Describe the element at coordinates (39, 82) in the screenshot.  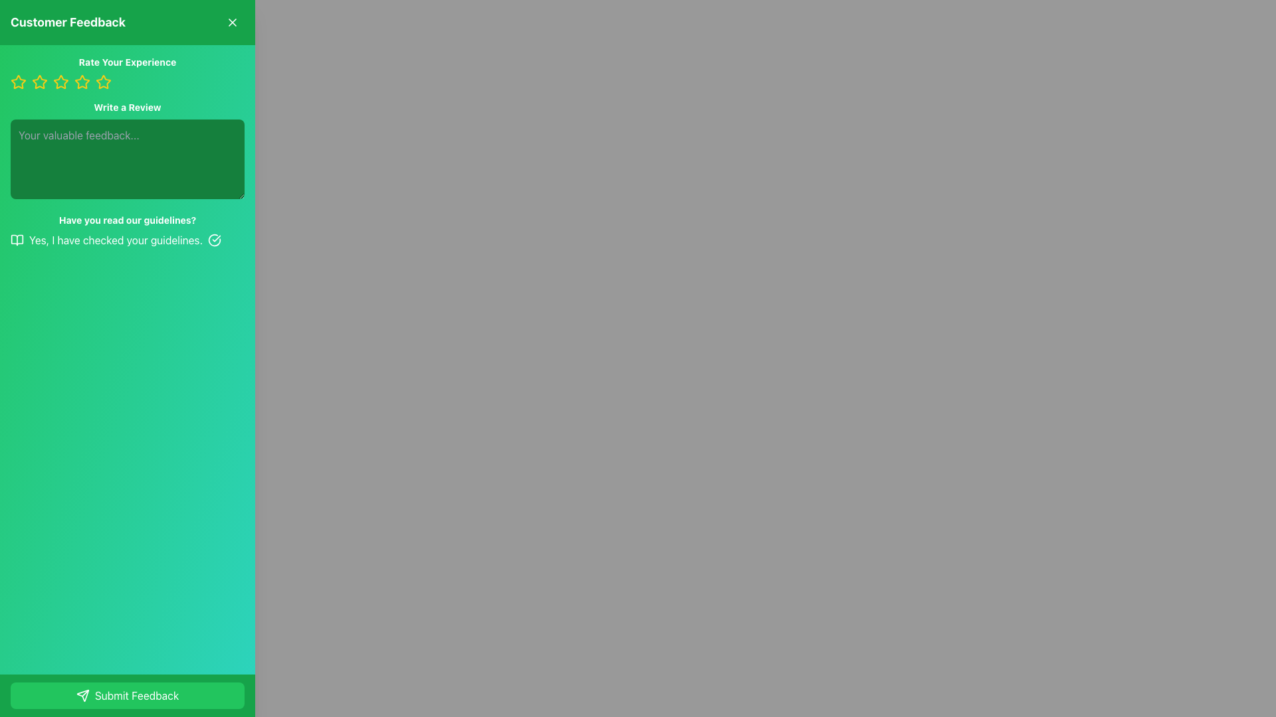
I see `the second star icon in the horizontal row of stars under the 'Rate Your Experience' section` at that location.